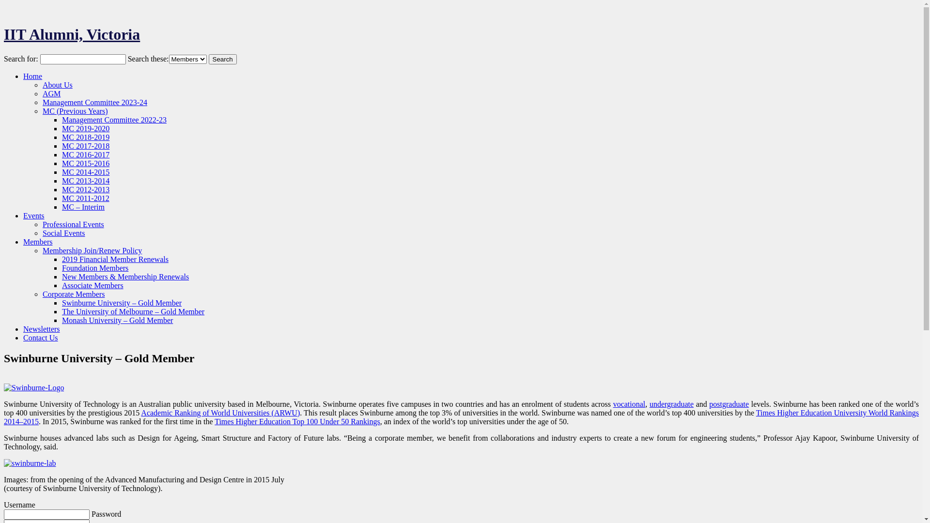  What do you see at coordinates (34, 215) in the screenshot?
I see `'Events'` at bounding box center [34, 215].